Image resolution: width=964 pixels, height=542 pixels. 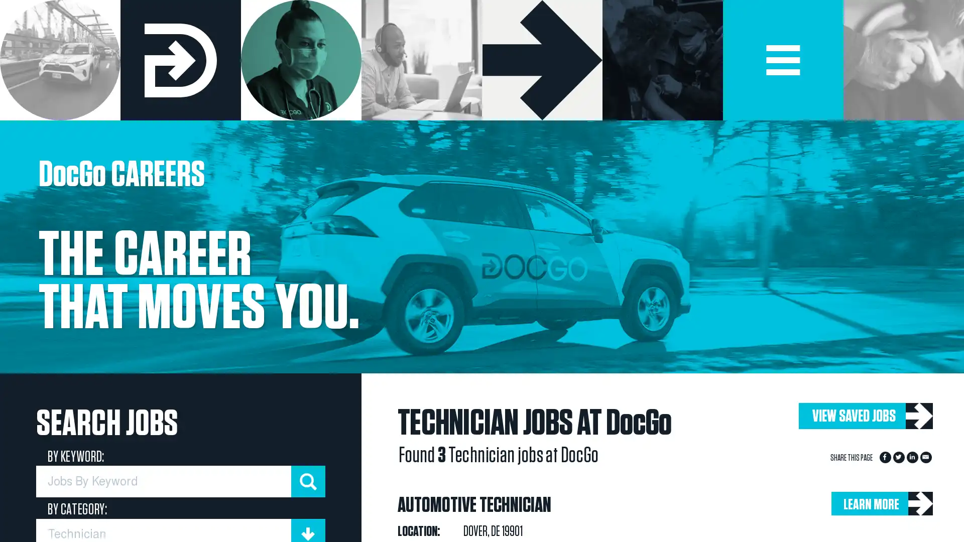 I want to click on Share to LinkedIn, so click(x=912, y=457).